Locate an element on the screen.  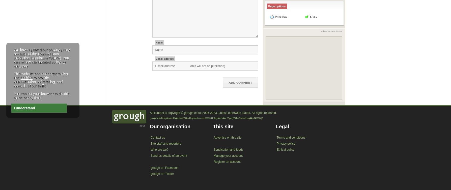
'Terms and conditions' is located at coordinates (276, 137).